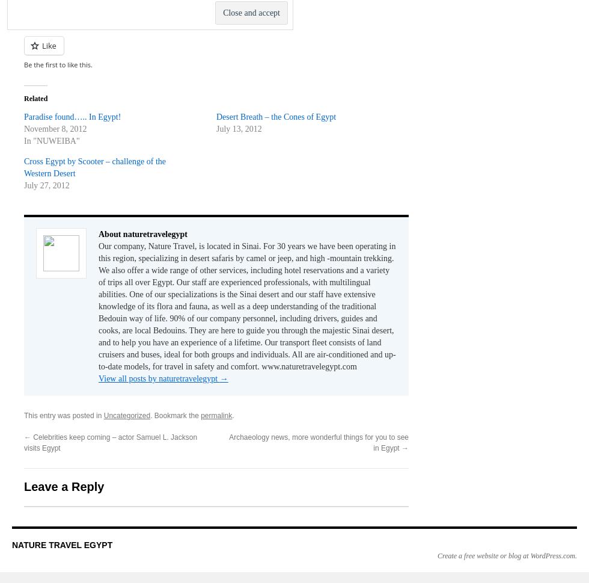 This screenshot has width=589, height=583. I want to click on 'Our company, Nature Travel, is located in Sinai. For 30 years we have been operating in this region, specializing in desert safaris by camel or jeep, and high -mountain trekking. We also offer a wide range of other services, including hotel reservations and a variety of trips all over Egypt.

Our staff are experienced professionals, with multilingual abilities. One of our specializations is the Sinai desert and our staff have extensive knowledge of its flora and fauna, as well as a deep understanding of the traditional Bedouin way of life. 90% of our company personnel, including drivers, guides and cooks, are local Bedouins. They are here to guide you through the majestic Sinai desert, and to help you have an experience of a lifetime.

Our transport fleet consists of land cruisers and buses, ideal for both groups and individuals. All are air-conditioned and up-to-date models, for travel in safety and comfort.
   www.naturetravelegypt.com', so click(98, 306).